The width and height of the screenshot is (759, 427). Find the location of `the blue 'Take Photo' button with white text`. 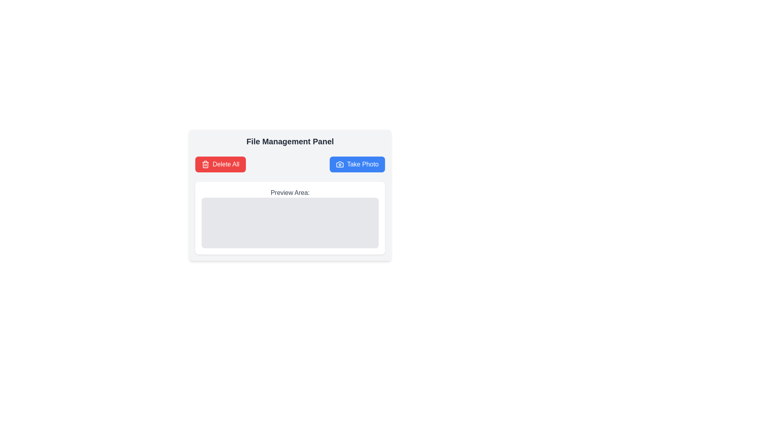

the blue 'Take Photo' button with white text is located at coordinates (357, 164).